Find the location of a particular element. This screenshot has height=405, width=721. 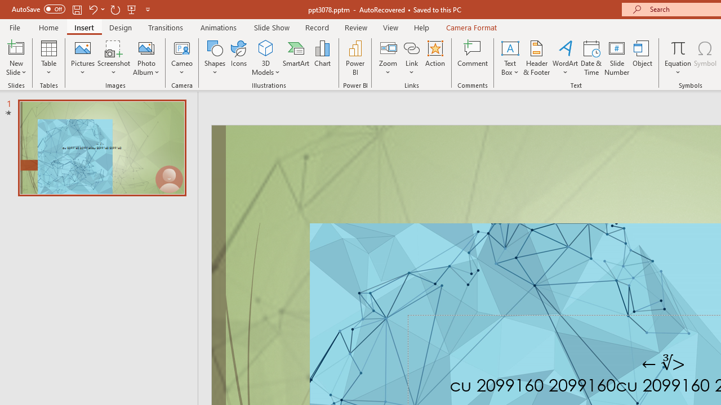

'Link' is located at coordinates (411, 58).